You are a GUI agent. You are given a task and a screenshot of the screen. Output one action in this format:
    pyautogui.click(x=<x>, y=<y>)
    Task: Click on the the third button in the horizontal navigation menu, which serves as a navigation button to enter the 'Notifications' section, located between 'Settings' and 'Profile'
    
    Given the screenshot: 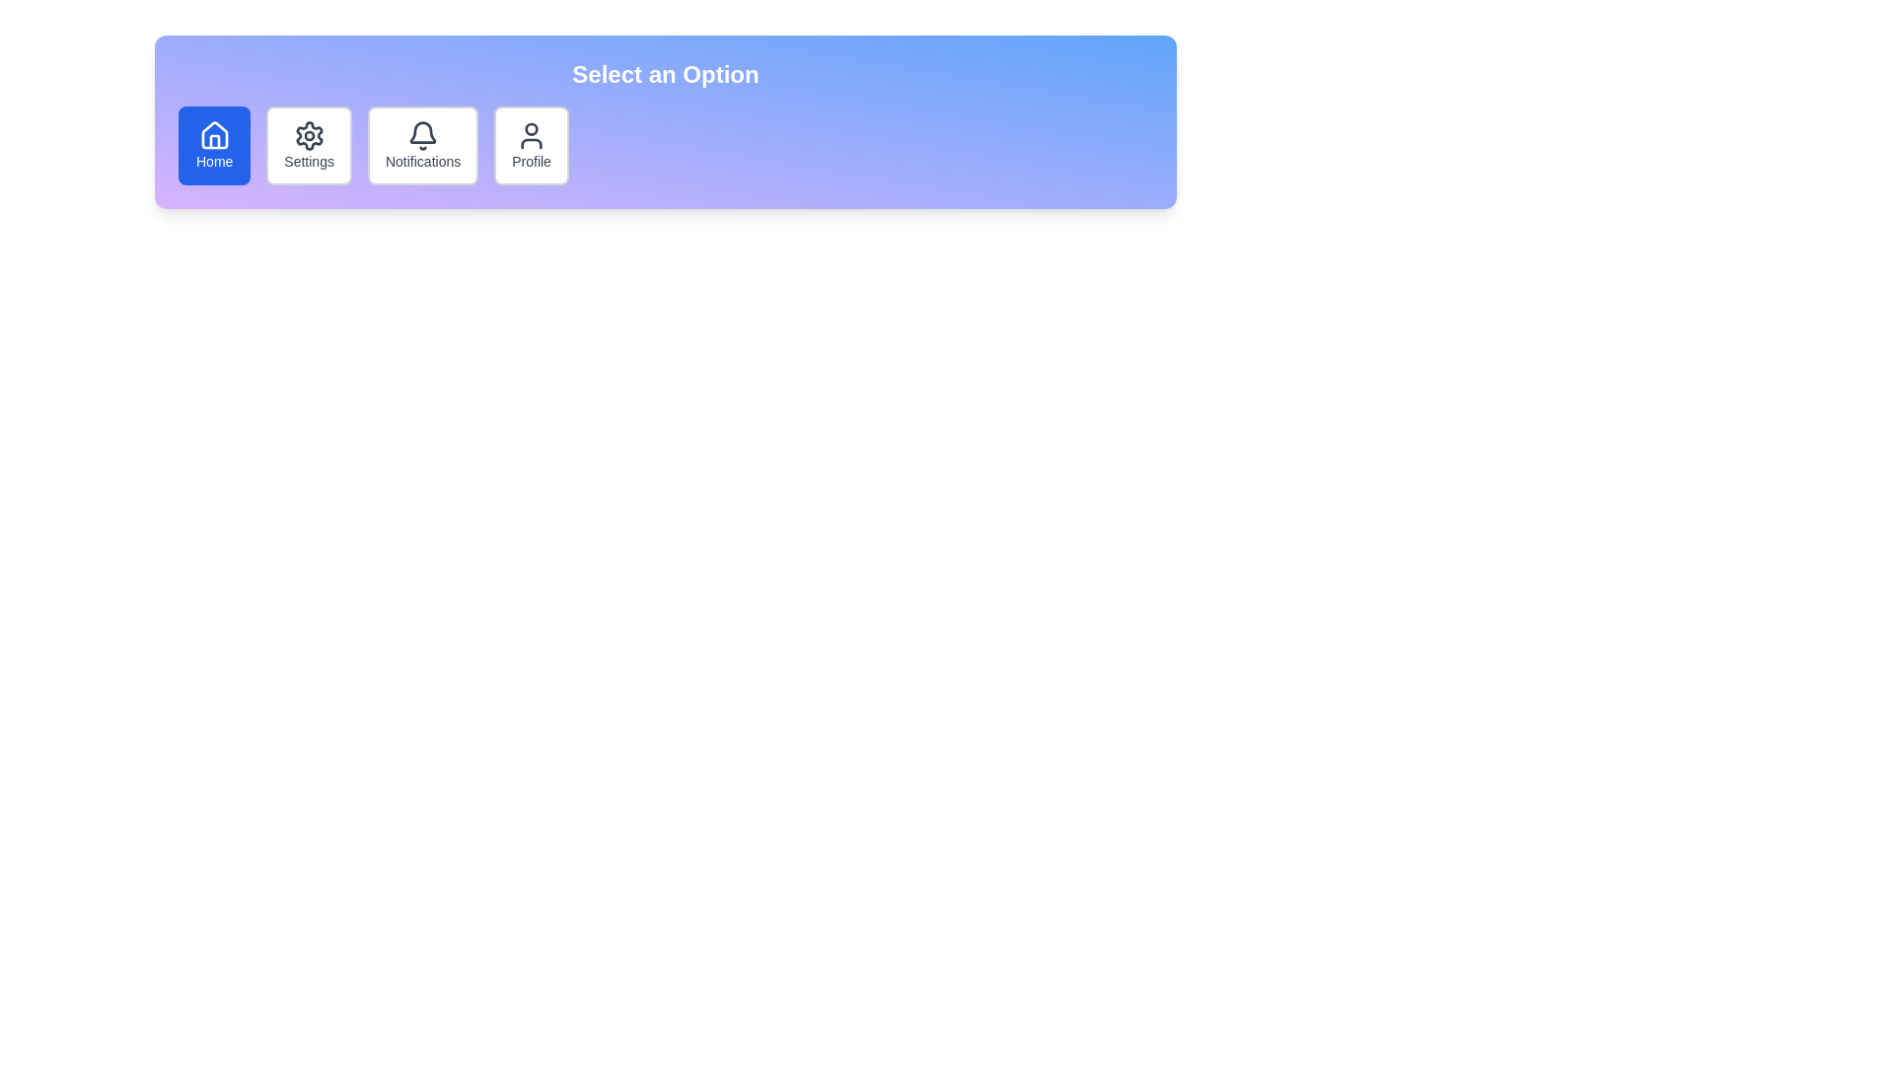 What is the action you would take?
    pyautogui.click(x=422, y=144)
    